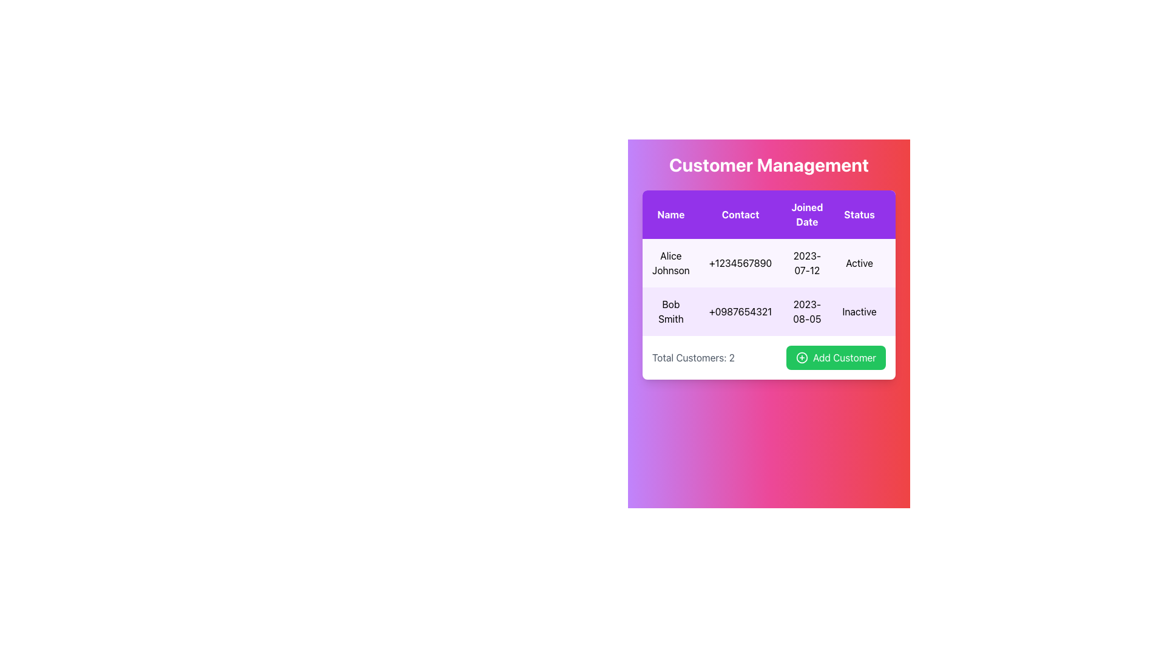  Describe the element at coordinates (844, 357) in the screenshot. I see `the 'Add Customer' text within the green button located at the bottom-right corner of the customer management module` at that location.